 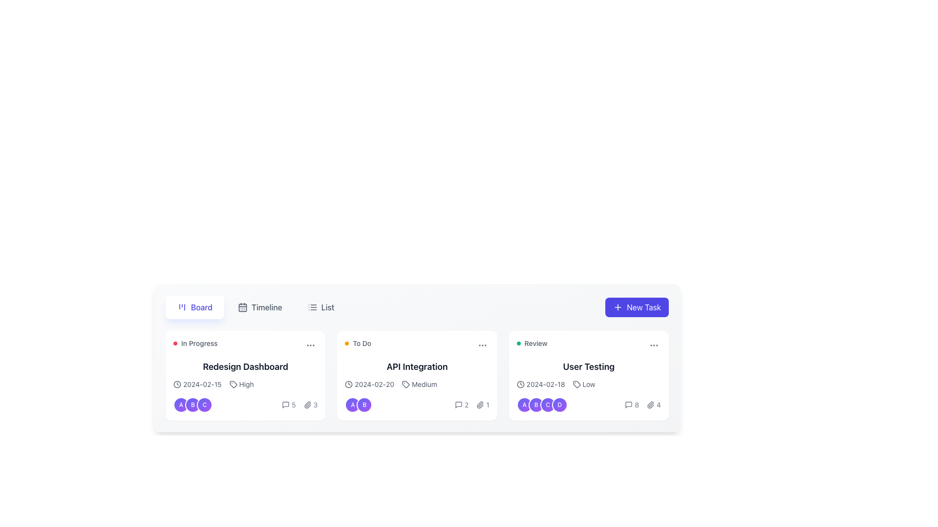 I want to click on the 'List' navigation option in the horizontal menu, so click(x=328, y=306).